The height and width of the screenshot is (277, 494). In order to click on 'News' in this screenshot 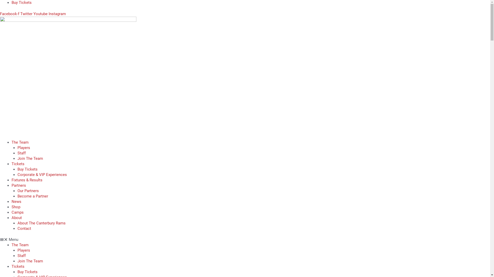, I will do `click(16, 201)`.